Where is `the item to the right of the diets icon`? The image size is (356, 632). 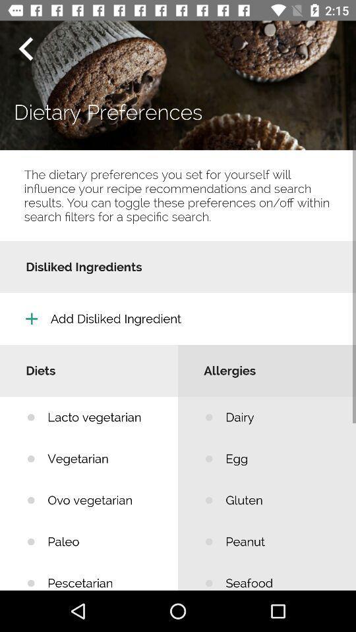 the item to the right of the diets icon is located at coordinates (280, 417).